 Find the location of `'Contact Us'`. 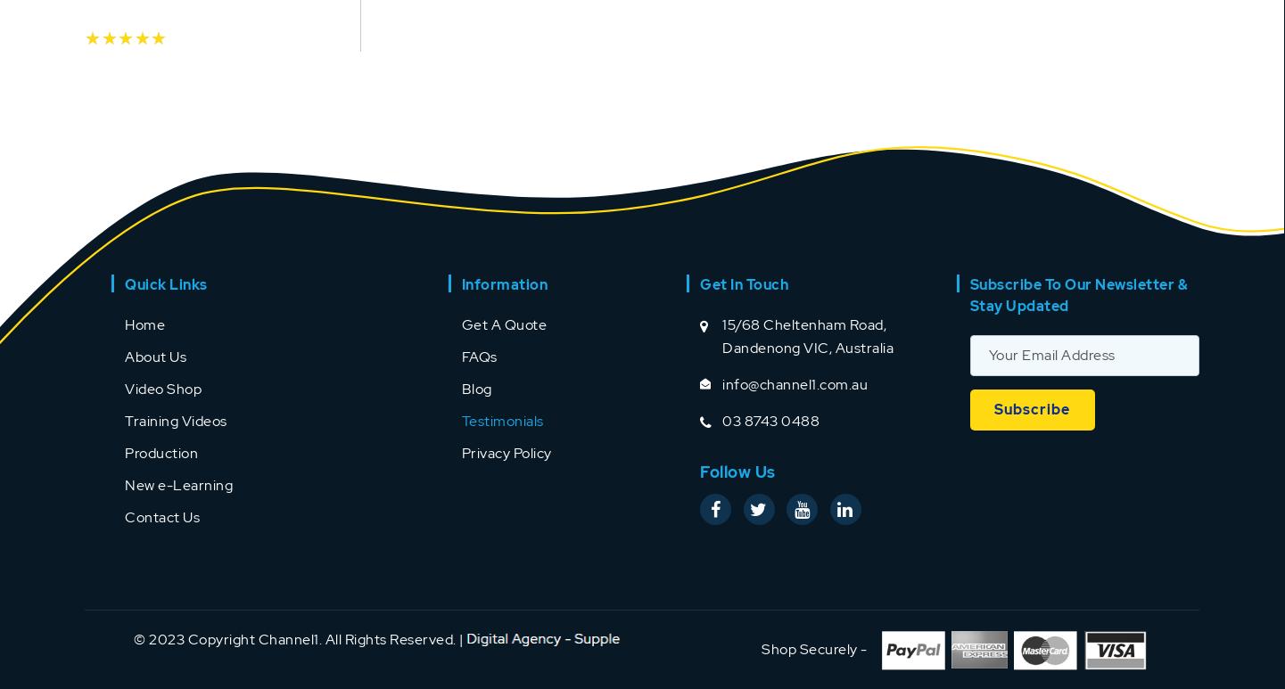

'Contact Us' is located at coordinates (124, 516).